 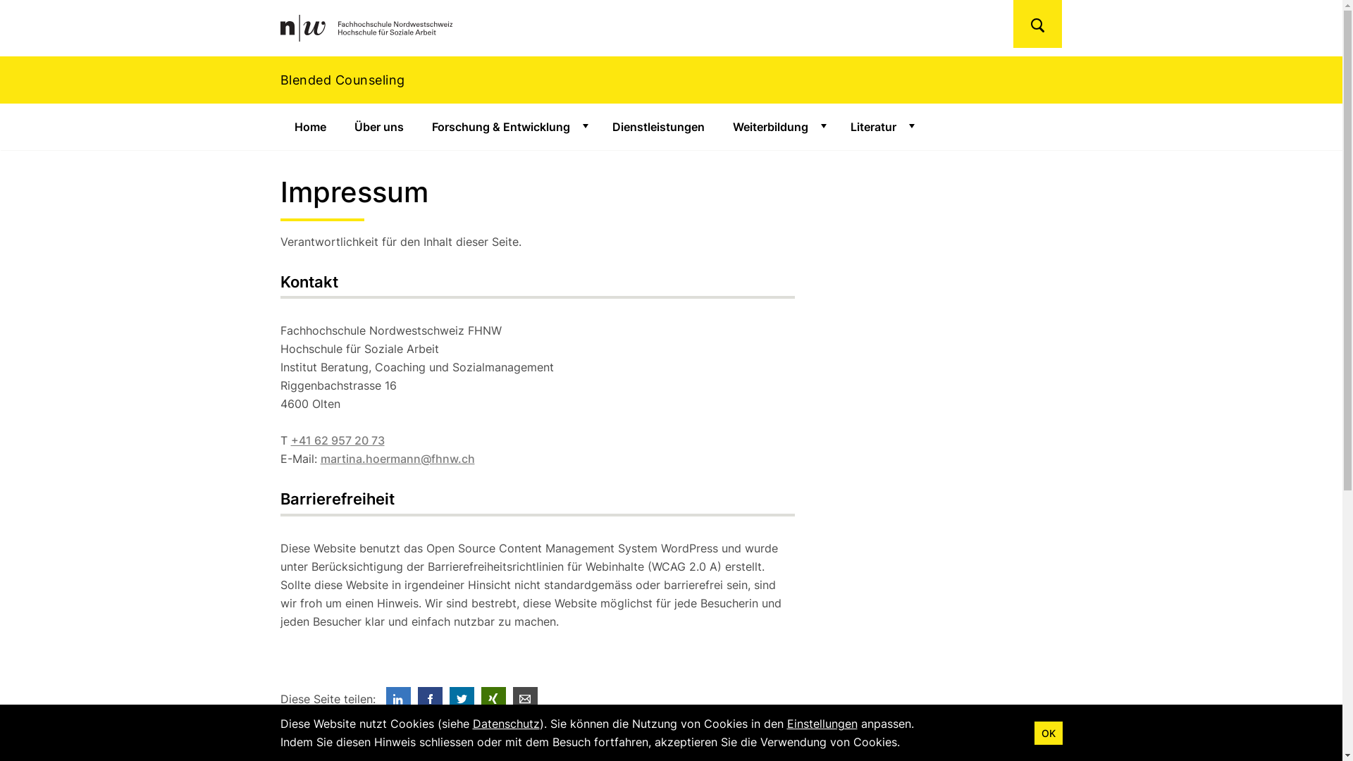 I want to click on 'Auf Xing teilen', so click(x=493, y=699).